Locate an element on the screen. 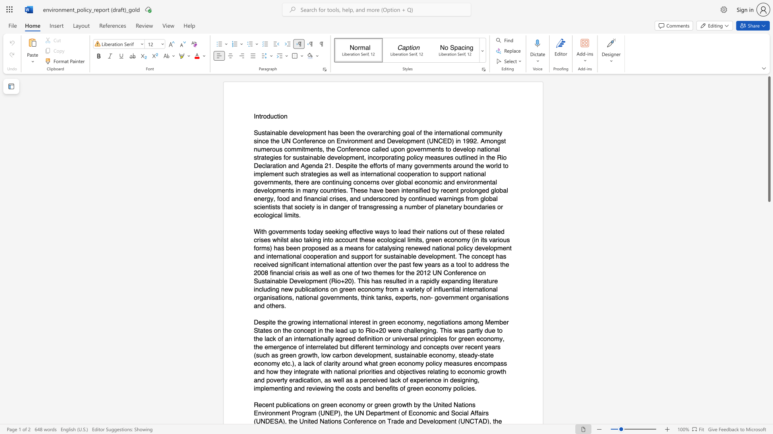 Image resolution: width=773 pixels, height=434 pixels. the scrollbar to scroll the page down is located at coordinates (769, 361).